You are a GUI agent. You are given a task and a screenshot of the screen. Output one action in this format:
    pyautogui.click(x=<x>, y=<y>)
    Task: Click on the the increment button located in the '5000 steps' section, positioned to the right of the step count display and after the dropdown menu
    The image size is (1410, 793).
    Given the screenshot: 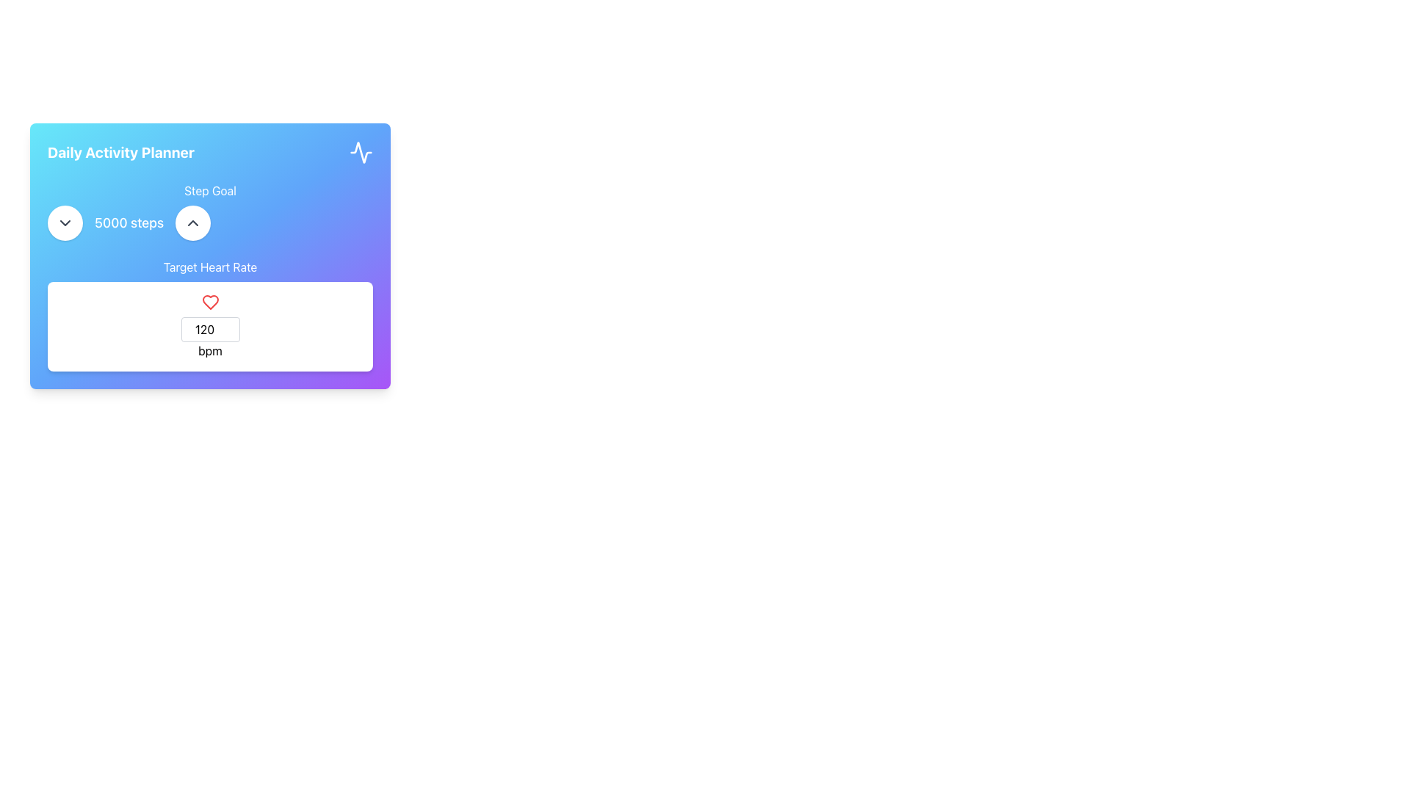 What is the action you would take?
    pyautogui.click(x=192, y=223)
    